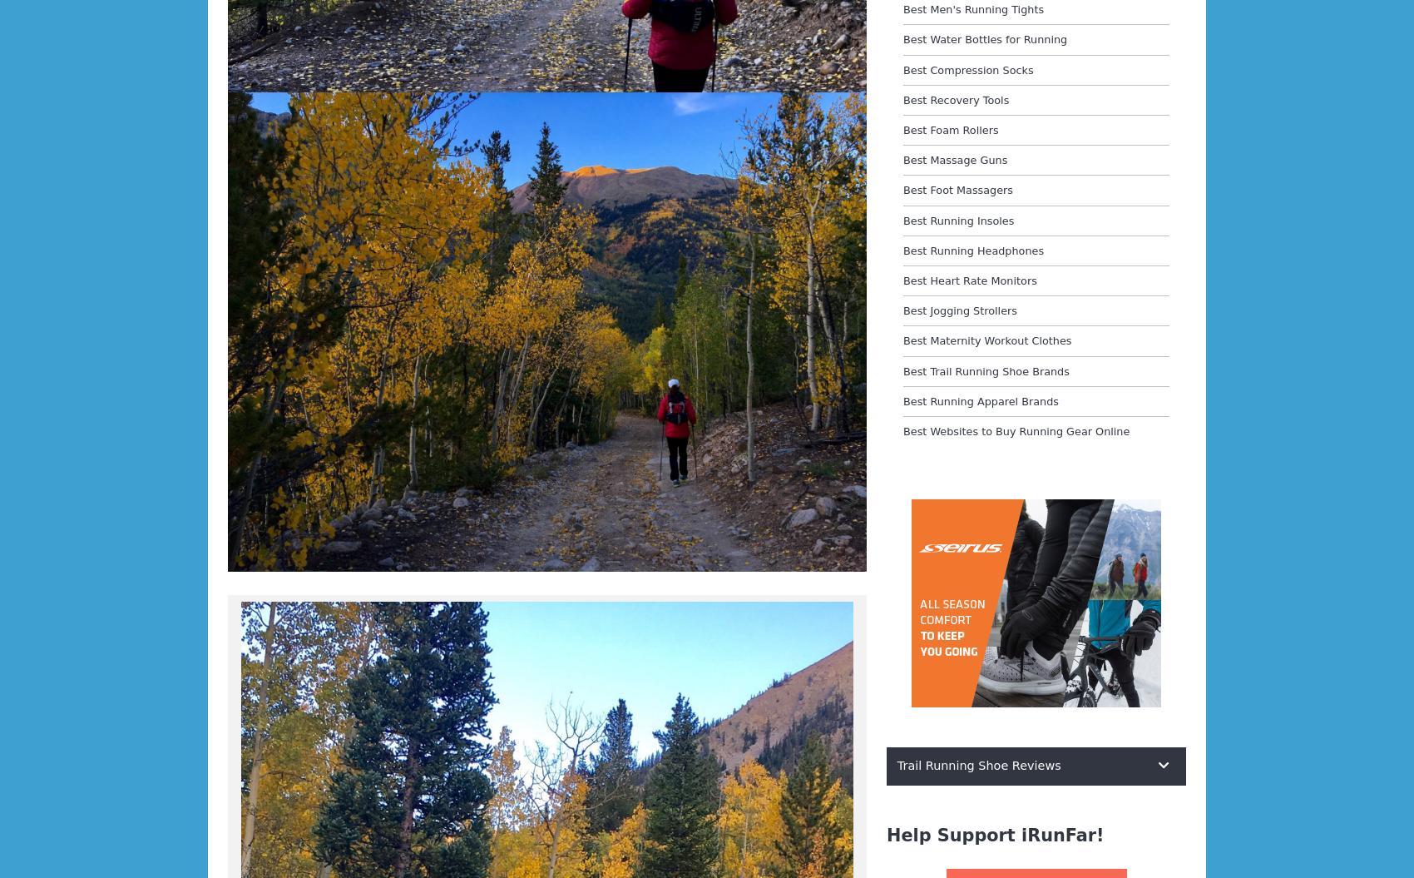  What do you see at coordinates (228, 159) in the screenshot?
I see `'half an hour'` at bounding box center [228, 159].